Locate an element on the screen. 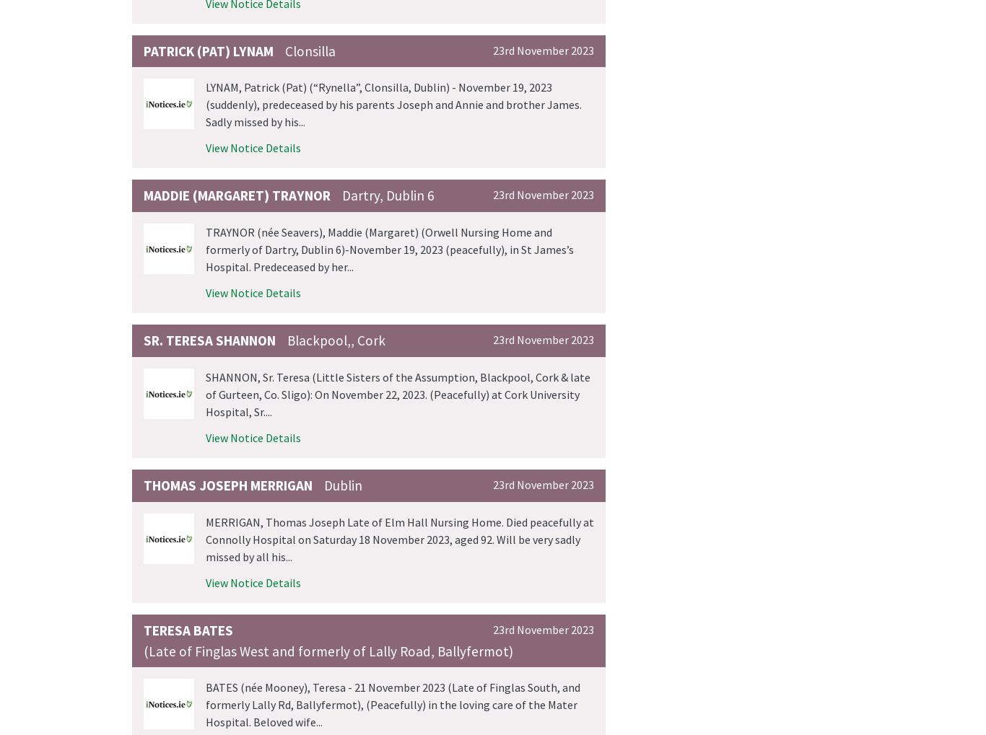 The image size is (986, 735). 'Clonsilla' is located at coordinates (310, 50).